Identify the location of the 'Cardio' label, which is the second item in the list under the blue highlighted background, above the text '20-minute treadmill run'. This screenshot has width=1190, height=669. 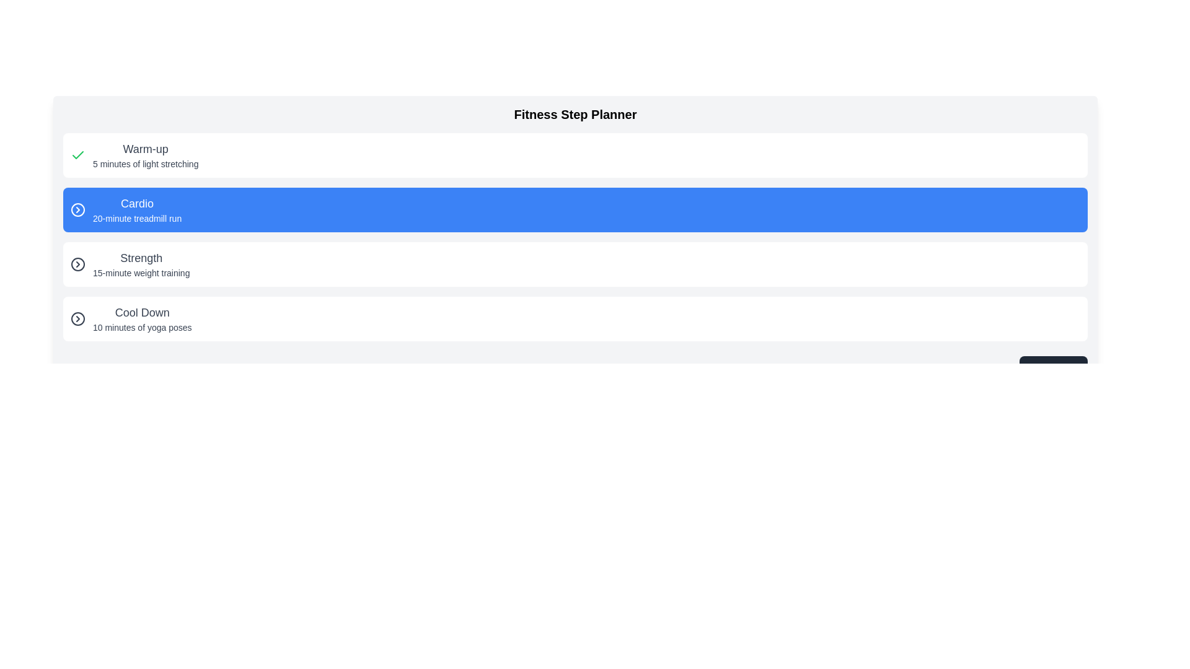
(137, 203).